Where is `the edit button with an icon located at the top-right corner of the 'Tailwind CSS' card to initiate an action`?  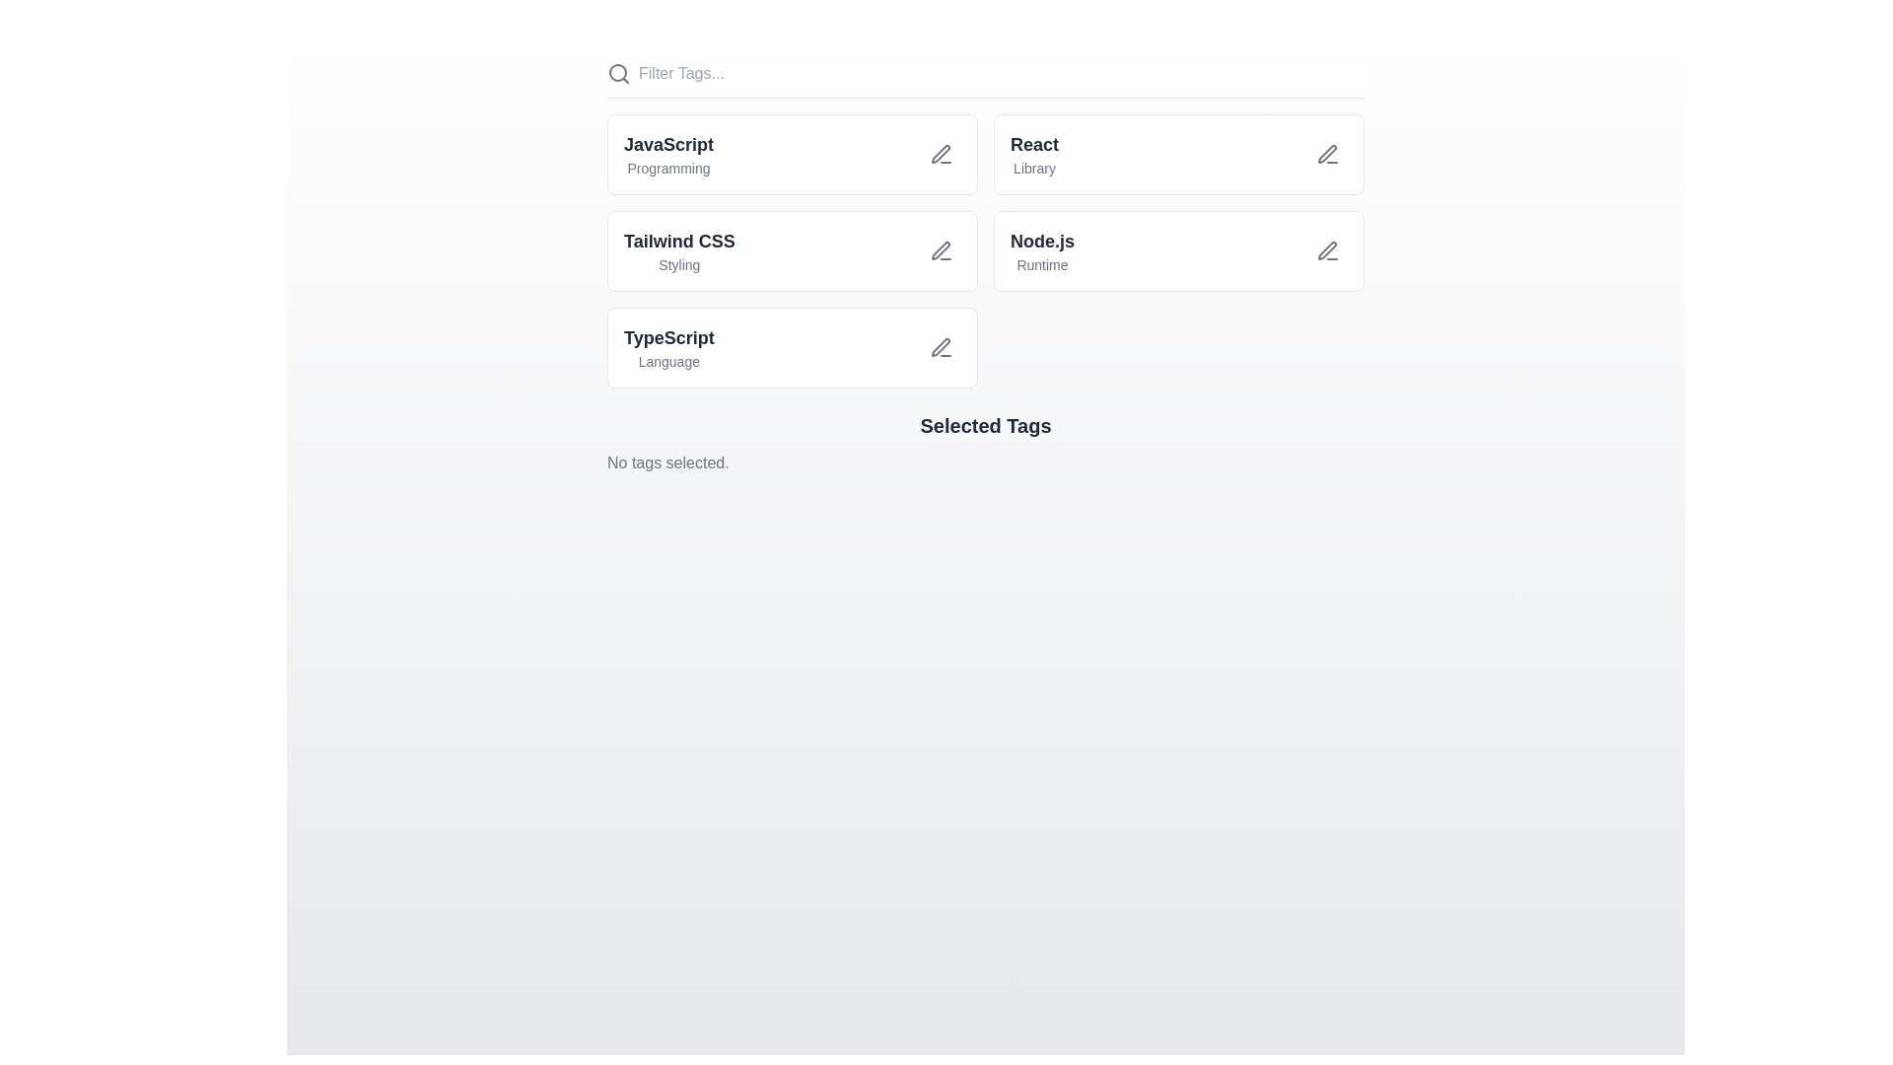
the edit button with an icon located at the top-right corner of the 'Tailwind CSS' card to initiate an action is located at coordinates (941, 249).